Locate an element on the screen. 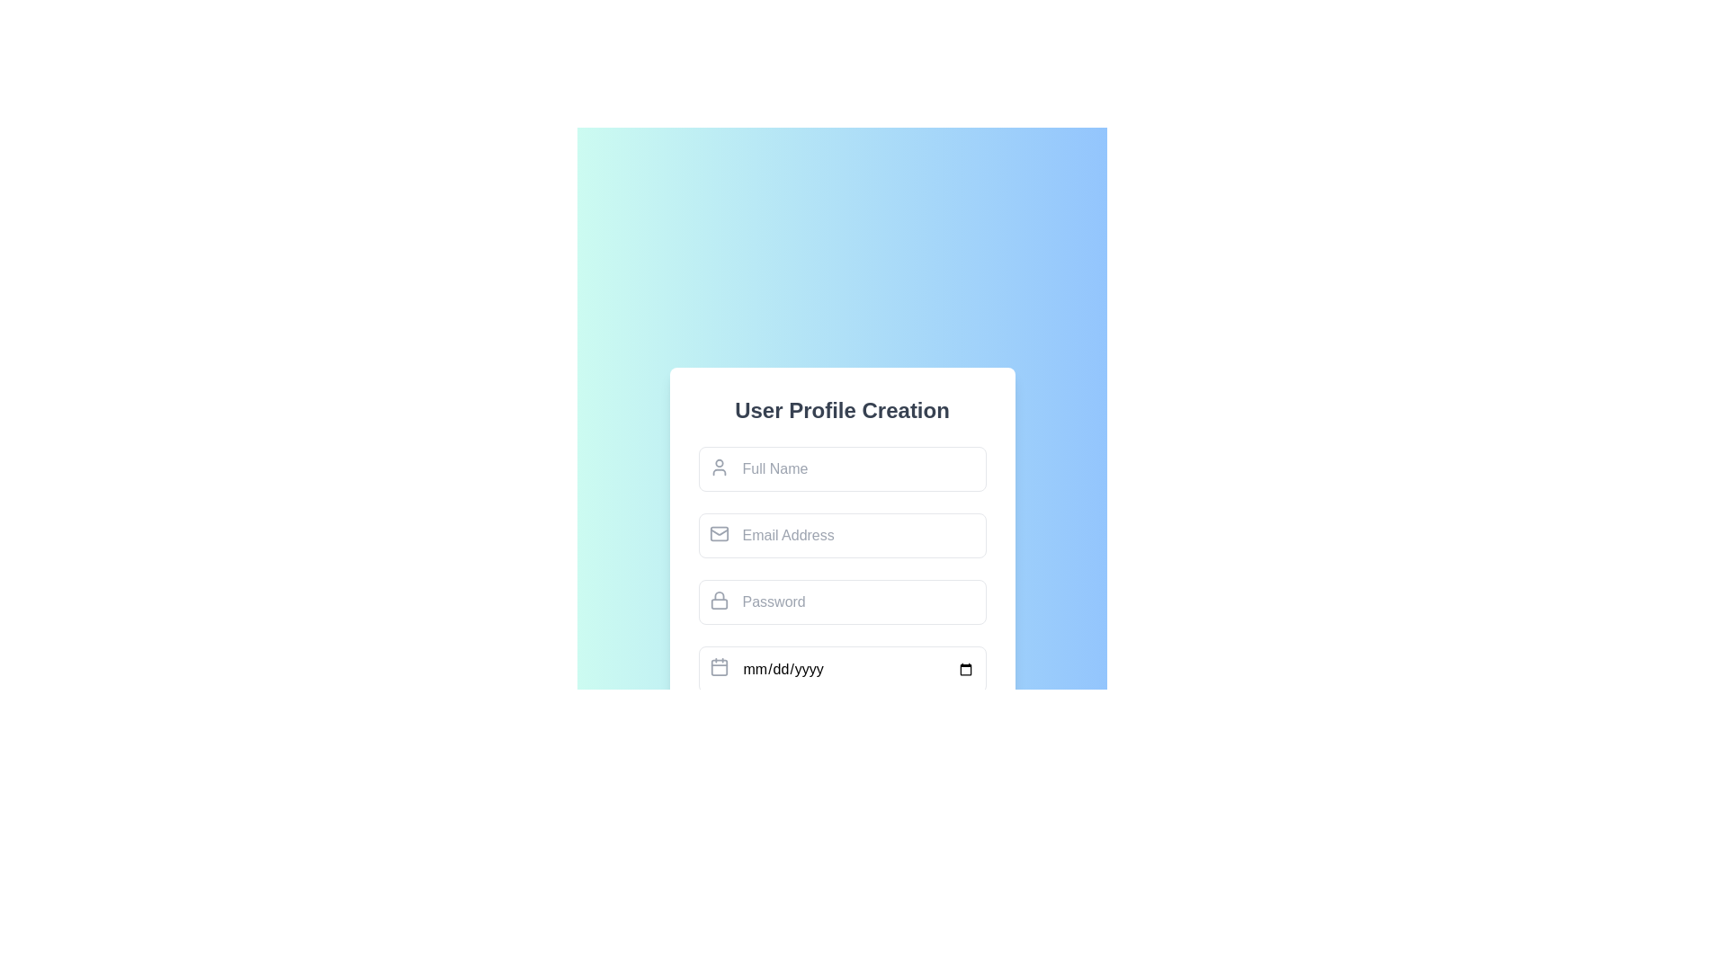  the date input icon located to the left of the 'mm/dd/yyyy' date input field is located at coordinates (718, 666).